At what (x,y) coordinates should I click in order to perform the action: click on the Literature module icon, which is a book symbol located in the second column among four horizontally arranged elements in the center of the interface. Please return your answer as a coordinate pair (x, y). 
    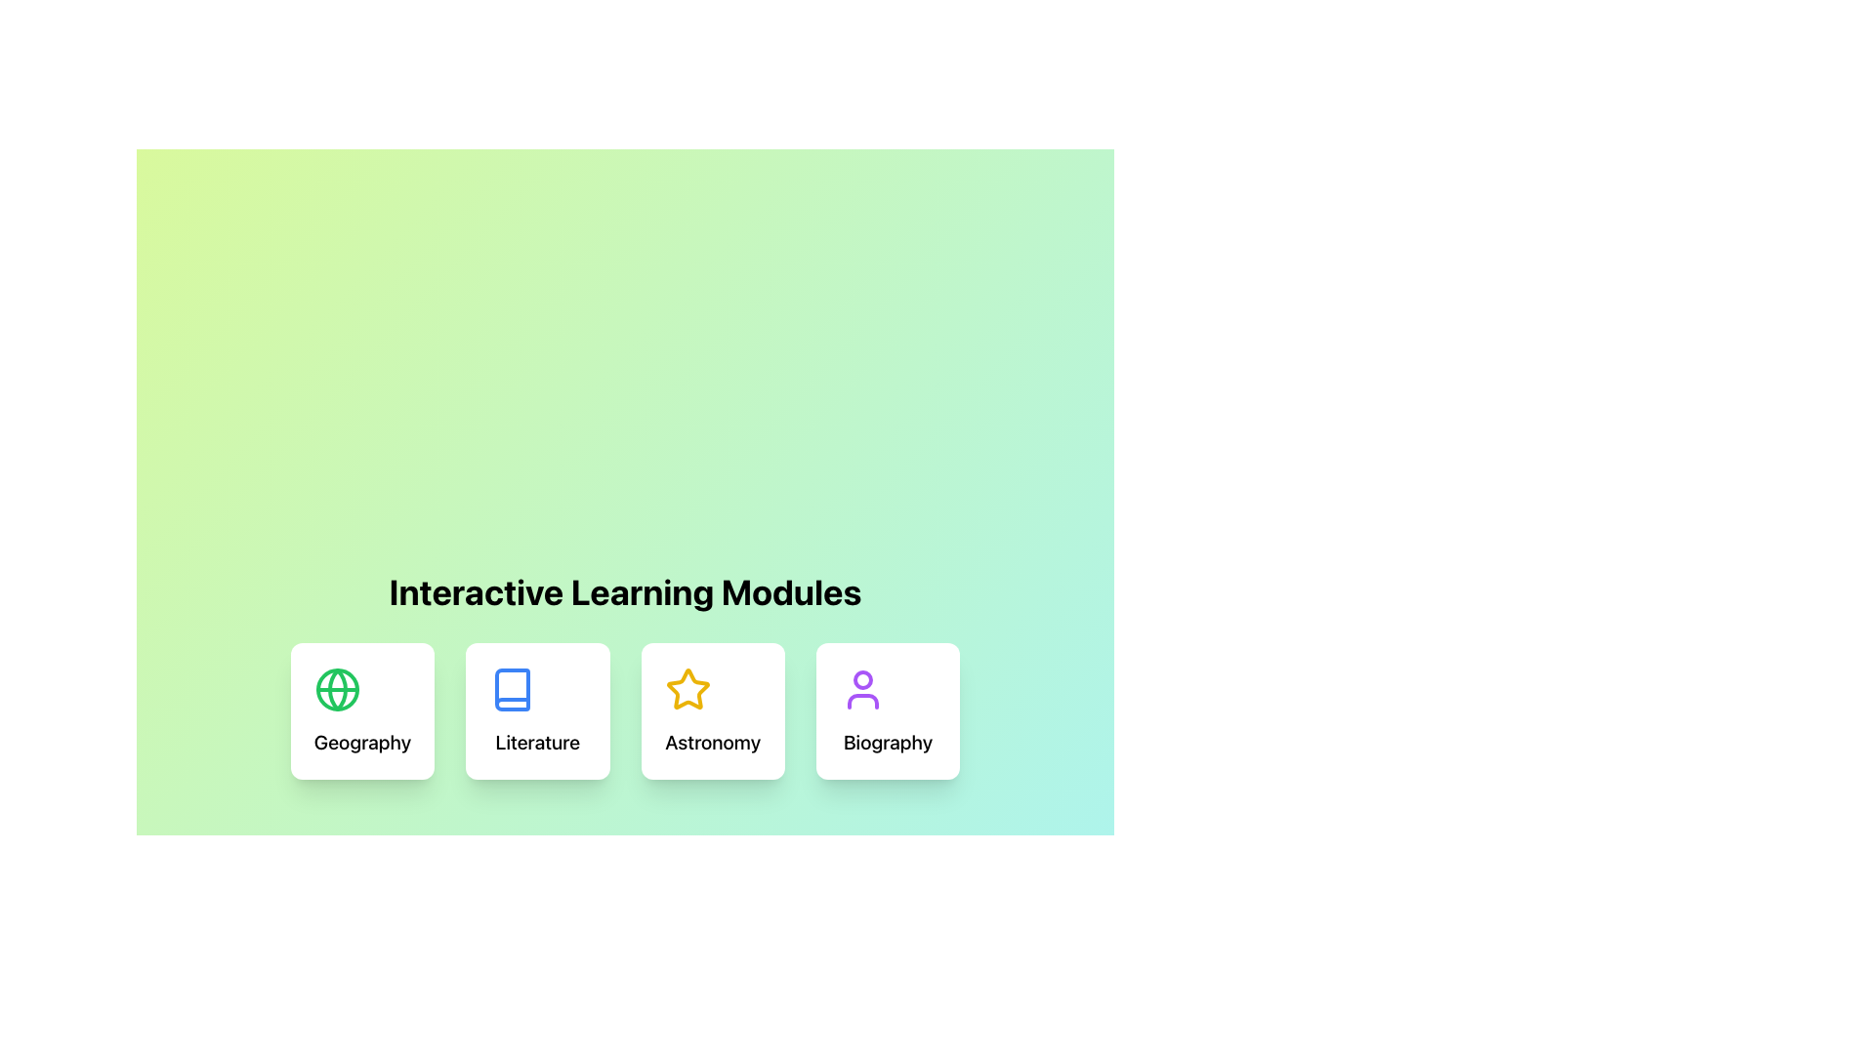
    Looking at the image, I should click on (513, 688).